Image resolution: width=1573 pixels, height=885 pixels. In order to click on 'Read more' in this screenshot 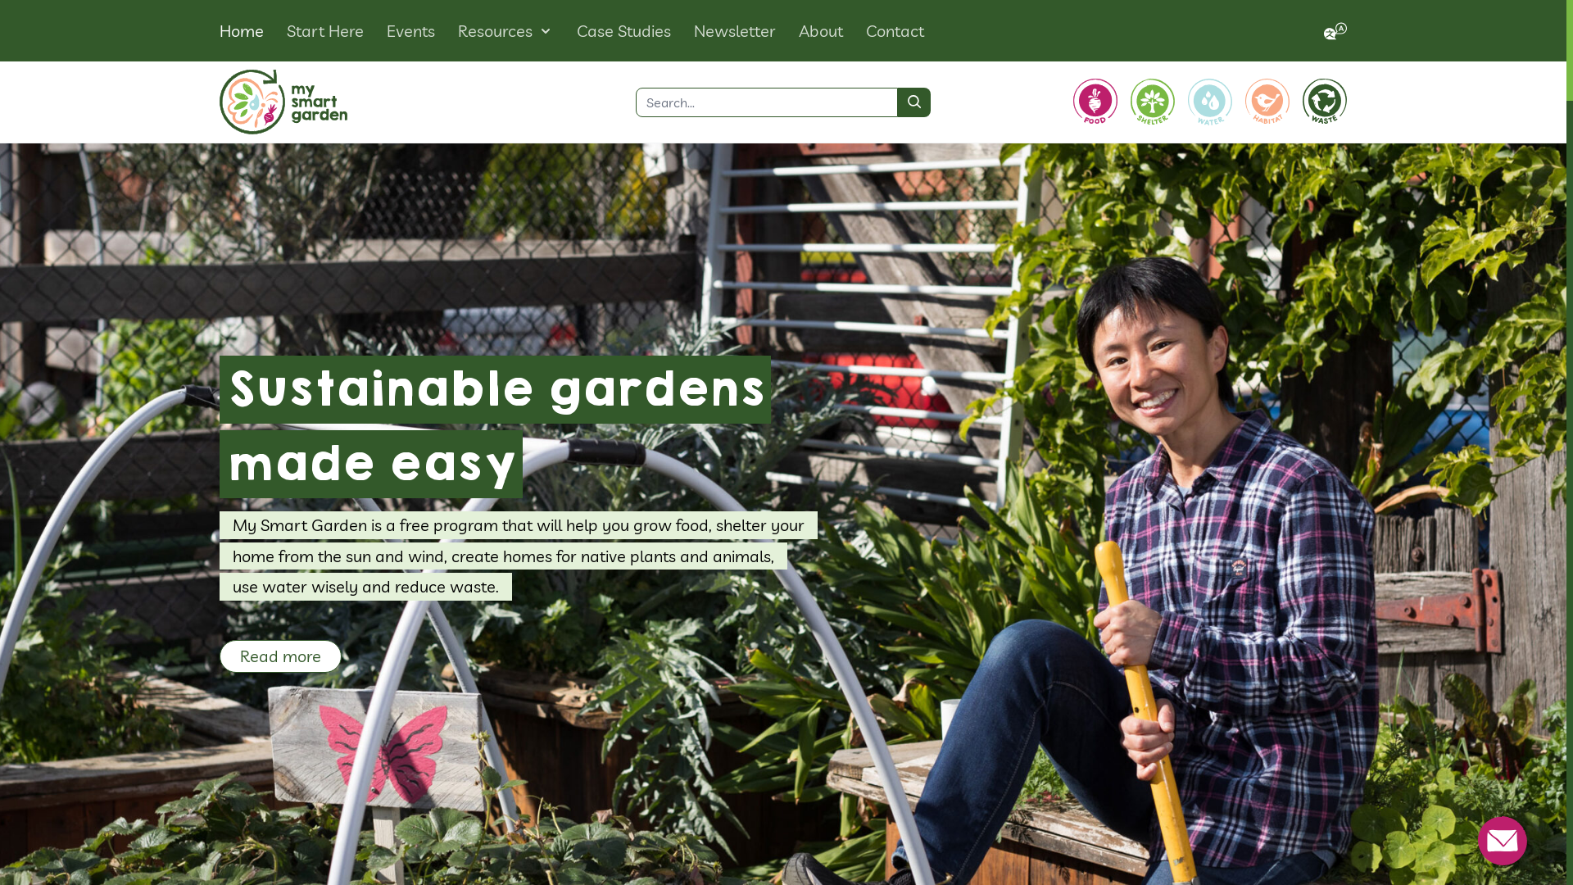, I will do `click(280, 656)`.